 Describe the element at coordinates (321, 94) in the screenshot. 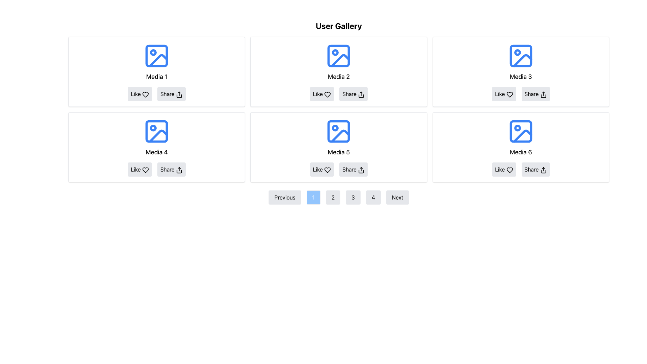

I see `the 'like' button located in the lower section of the 'Media 2' card to express appreciation for the associated media item` at that location.